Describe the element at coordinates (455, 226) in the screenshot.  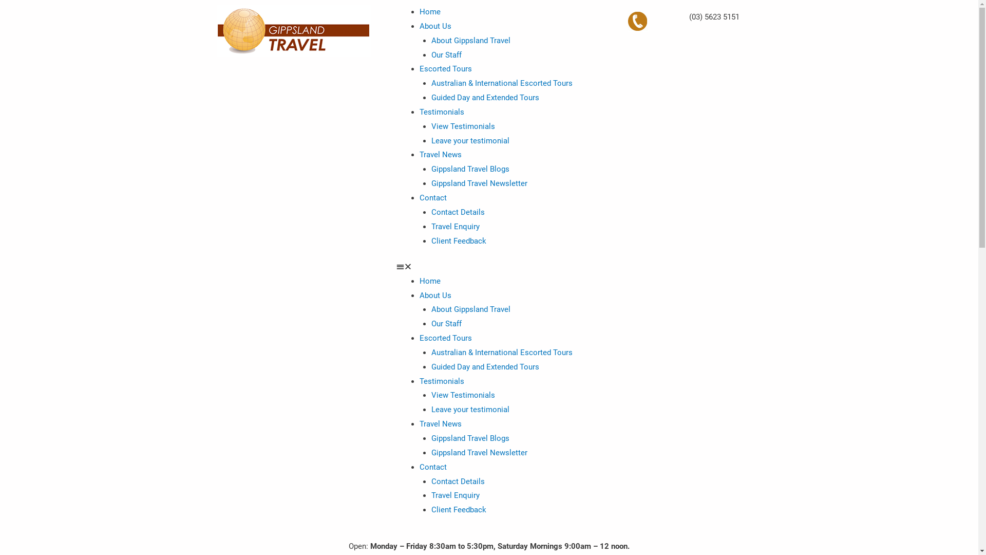
I see `'Travel Enquiry'` at that location.